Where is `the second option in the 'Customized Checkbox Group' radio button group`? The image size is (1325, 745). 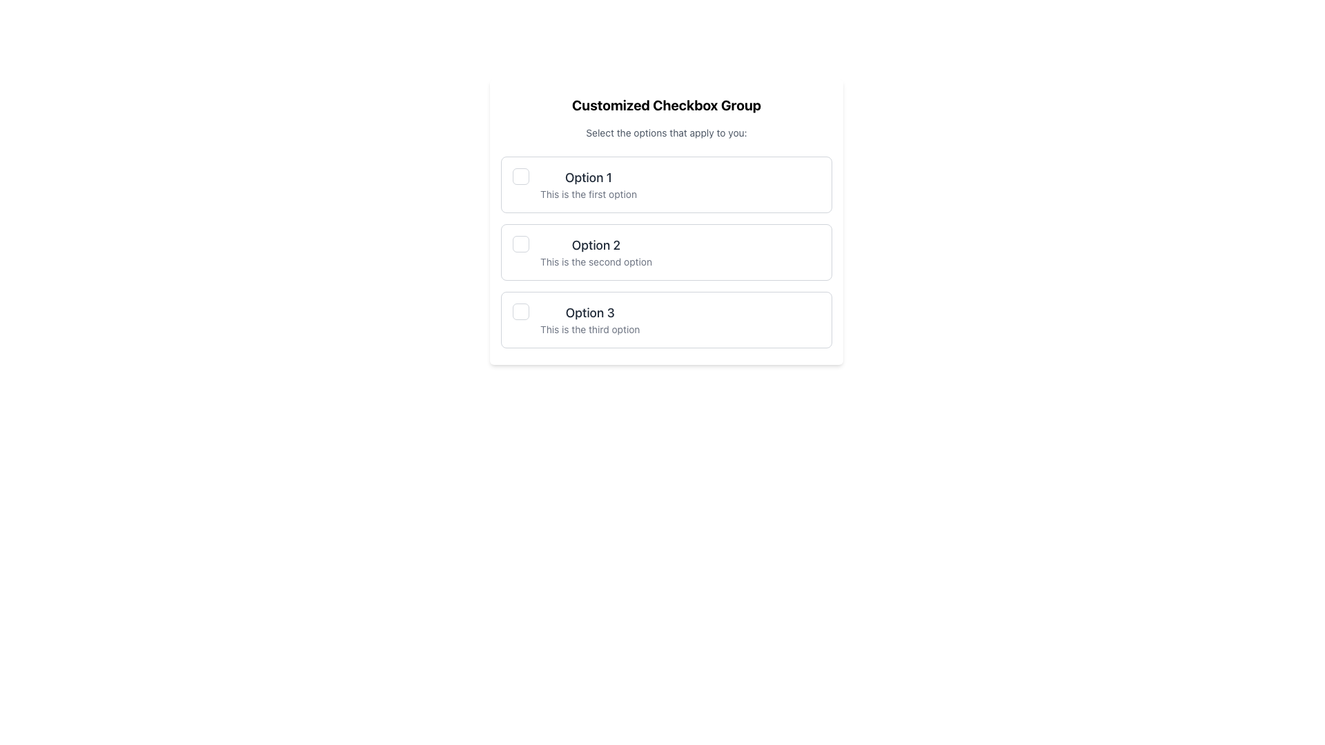
the second option in the 'Customized Checkbox Group' radio button group is located at coordinates (666, 252).